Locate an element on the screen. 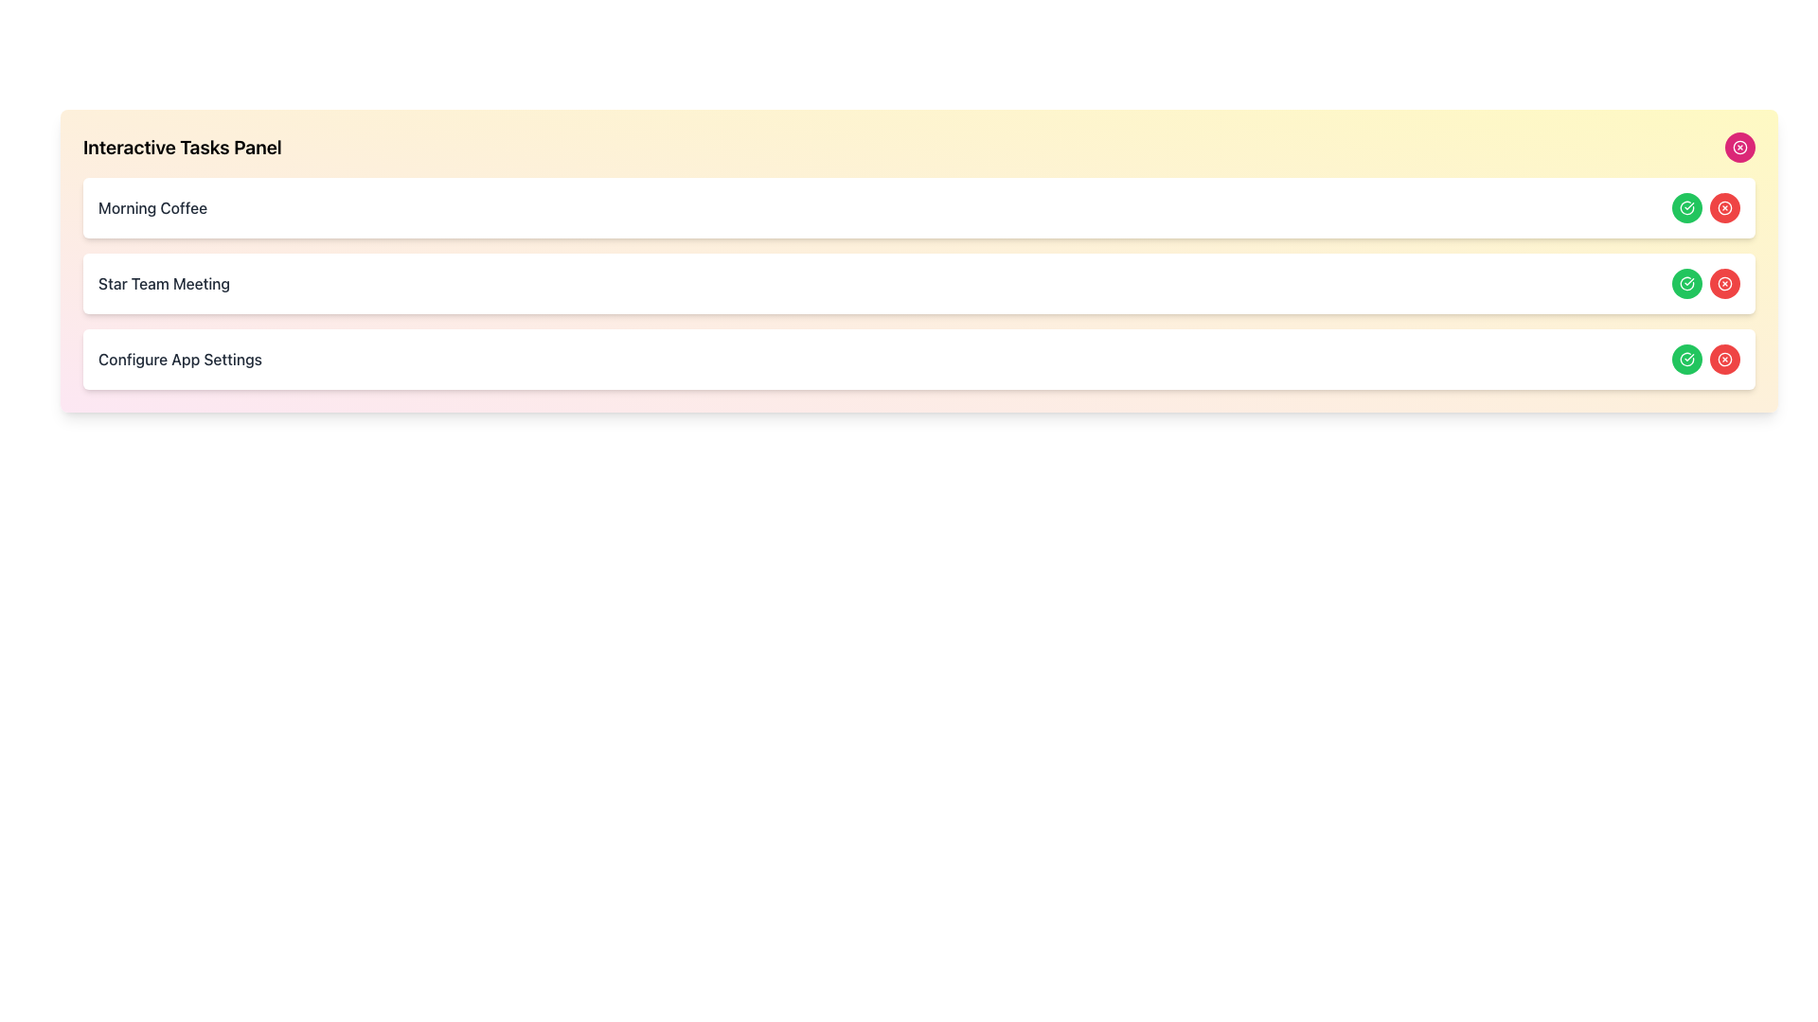 Image resolution: width=1818 pixels, height=1022 pixels. the green checkmark icon located to the right of the 'Star Team Meeting' text is located at coordinates (1686, 207).